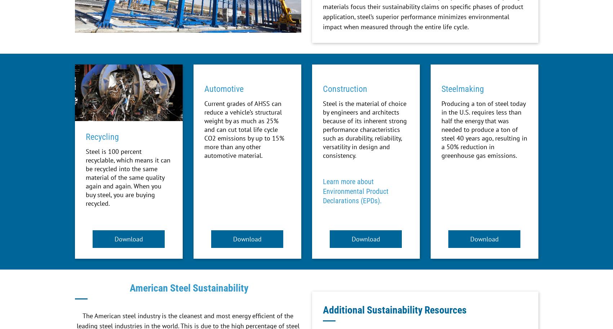 The width and height of the screenshot is (613, 329). I want to click on 'Steel is the material of choice by engineers and architects because of its inherent strong performance characteristics such as durability, reliability, versatility in design and consistency.', so click(364, 129).